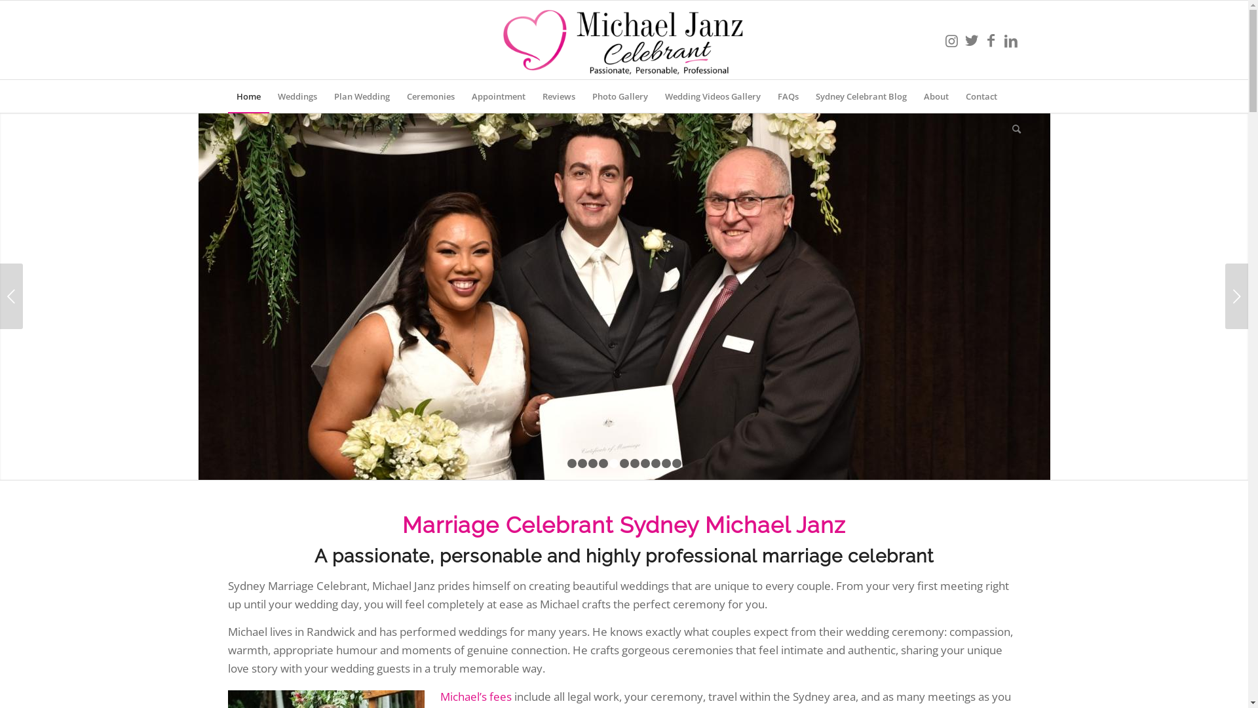 Image resolution: width=1258 pixels, height=708 pixels. I want to click on 'FAQs', so click(788, 95).